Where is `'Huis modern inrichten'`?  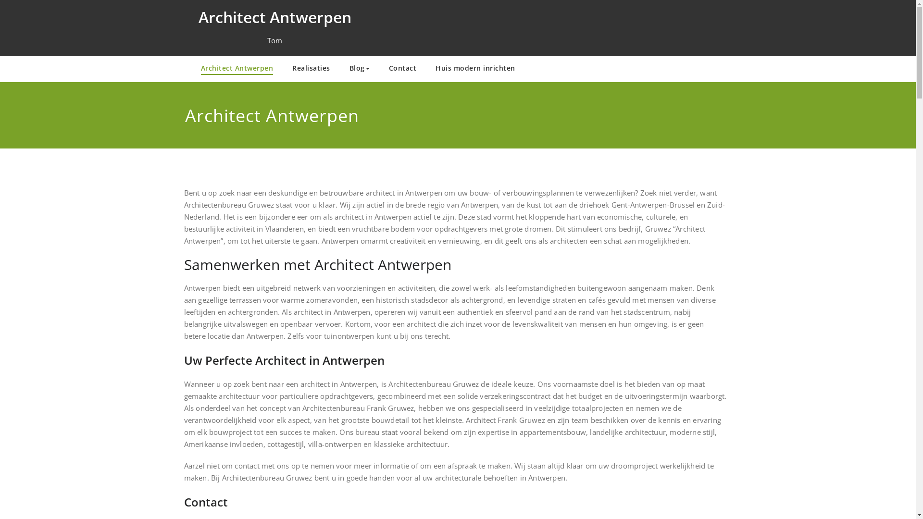 'Huis modern inrichten' is located at coordinates (475, 68).